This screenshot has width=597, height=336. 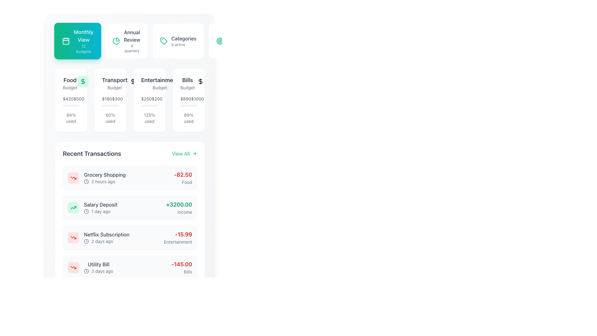 I want to click on text label displaying 'Budget' which is positioned below the 'Food' label in the top left corner of the interface's card layout, so click(x=70, y=87).